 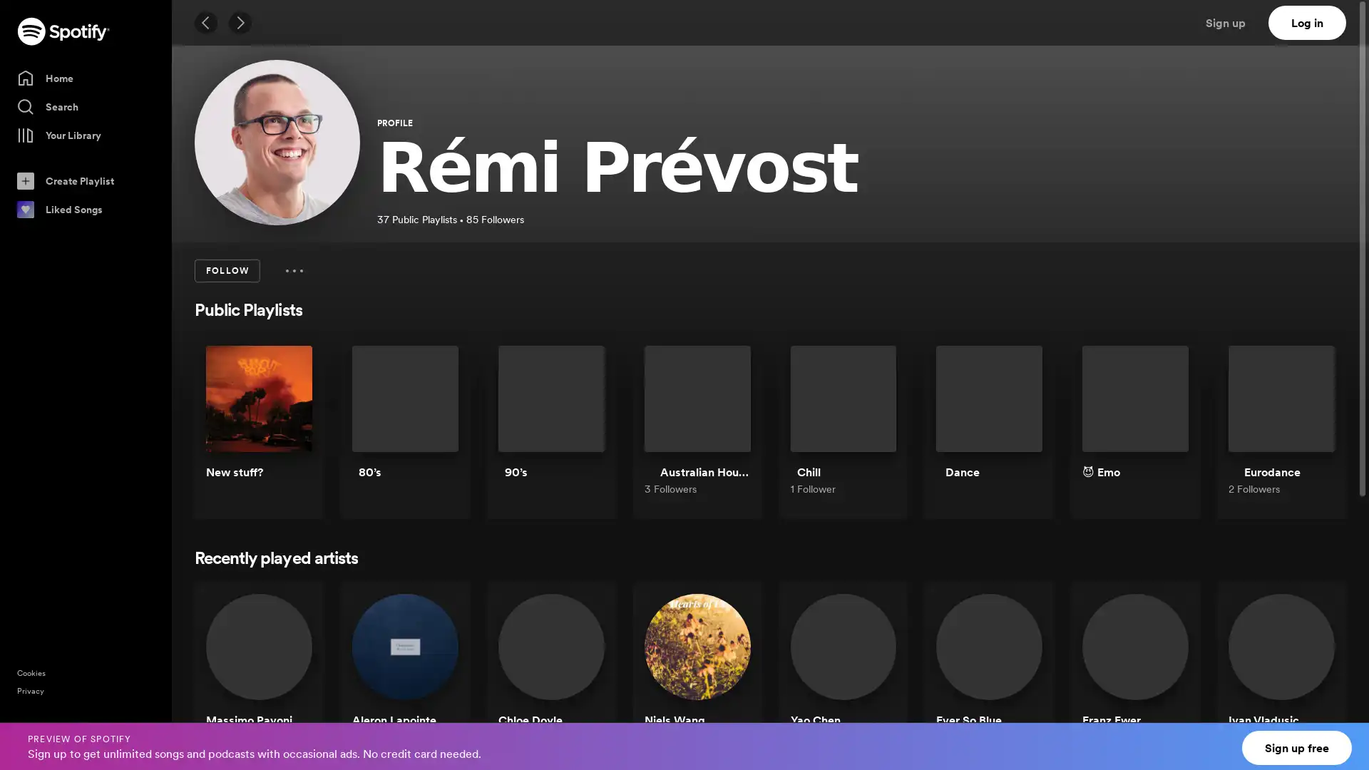 I want to click on Play New stuff?, so click(x=287, y=433).